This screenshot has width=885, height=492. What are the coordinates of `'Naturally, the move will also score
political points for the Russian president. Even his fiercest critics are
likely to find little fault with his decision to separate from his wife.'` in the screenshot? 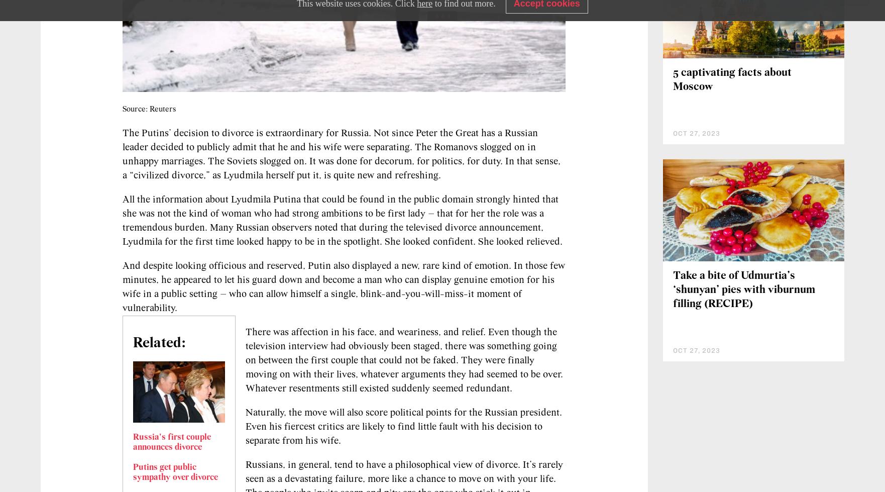 It's located at (403, 426).